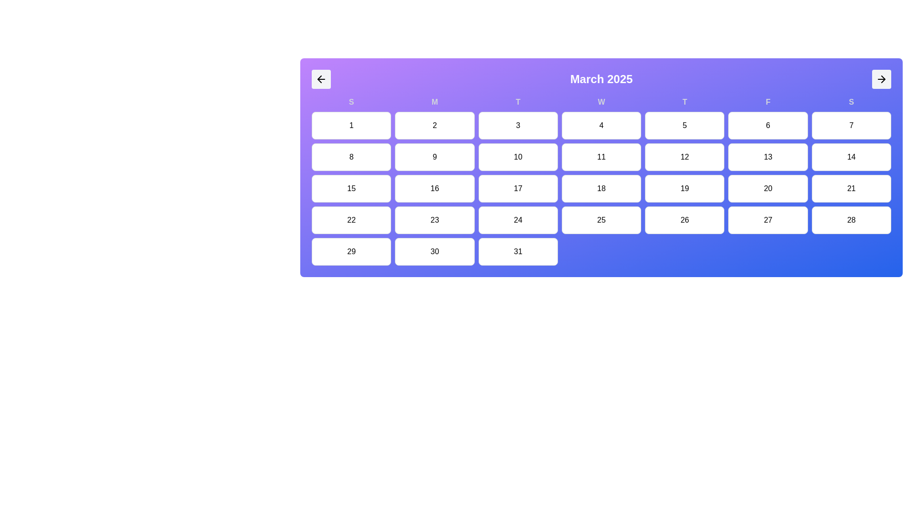 The width and height of the screenshot is (918, 516). What do you see at coordinates (684, 188) in the screenshot?
I see `the Calendar date cell representing the 19th day, located in the fourth row and sixth cell of the grid layout under the column labeled 'T'` at bounding box center [684, 188].